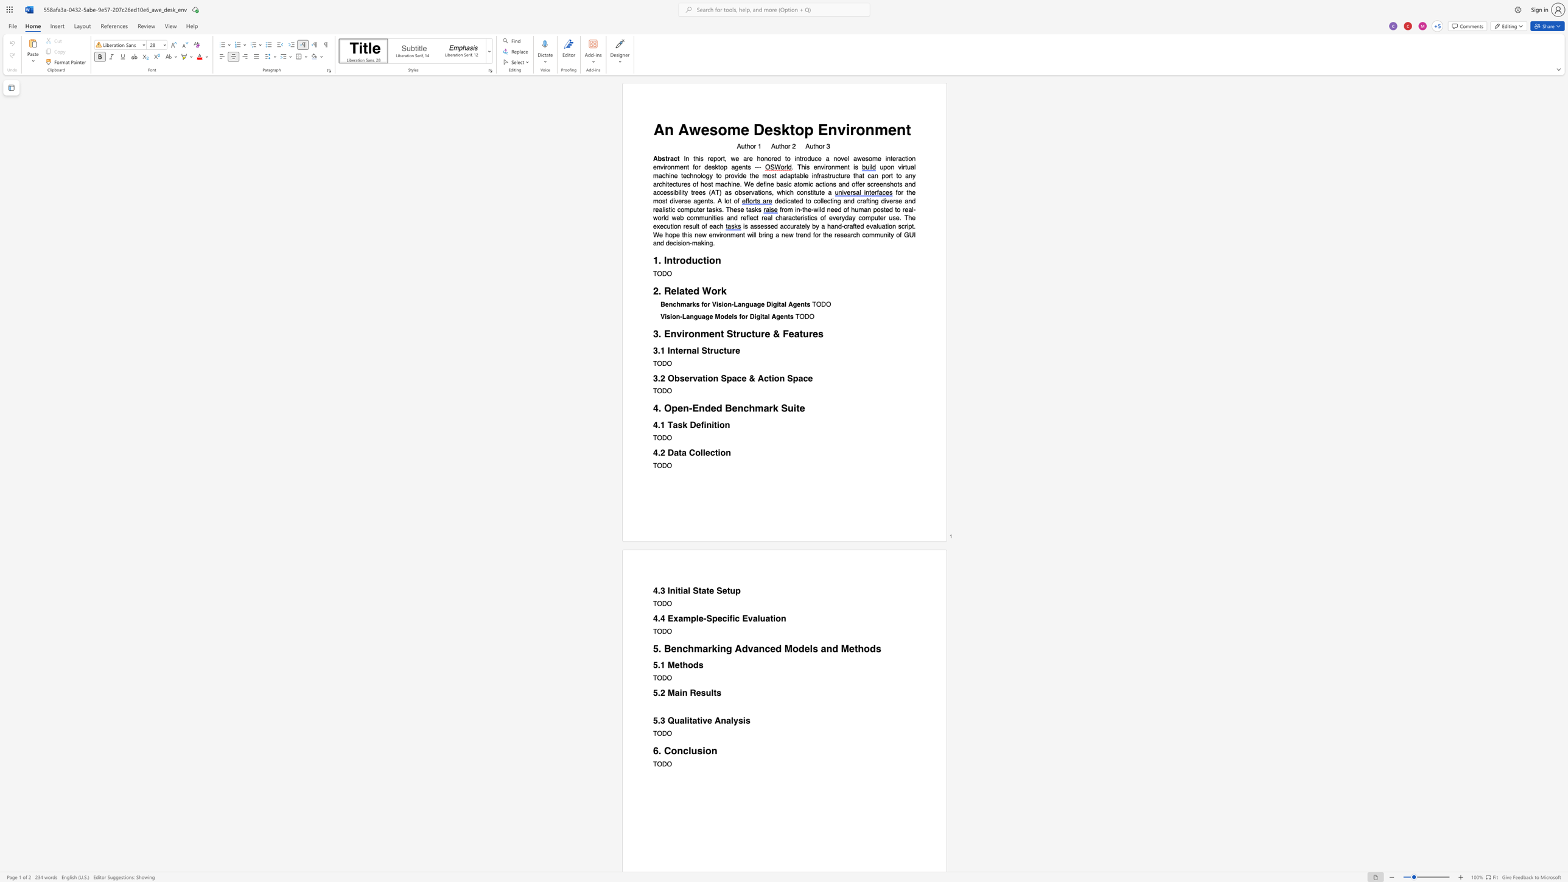  Describe the element at coordinates (660, 665) in the screenshot. I see `the subset text "1 Methods" within the text "5.1 Methods"` at that location.